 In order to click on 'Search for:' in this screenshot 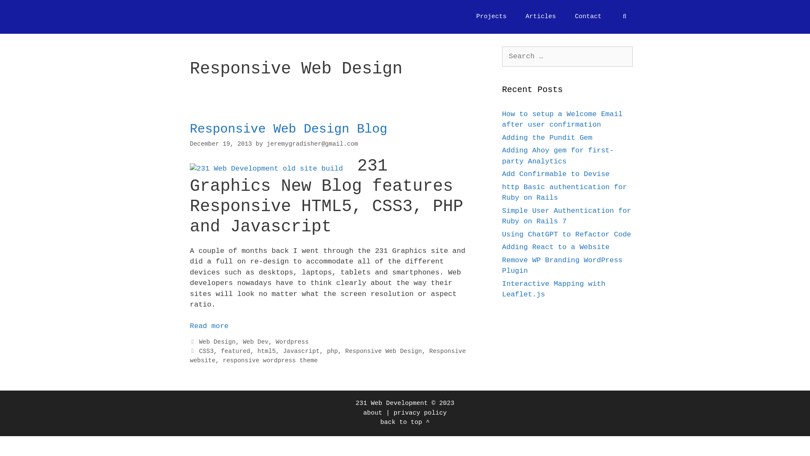, I will do `click(567, 57)`.